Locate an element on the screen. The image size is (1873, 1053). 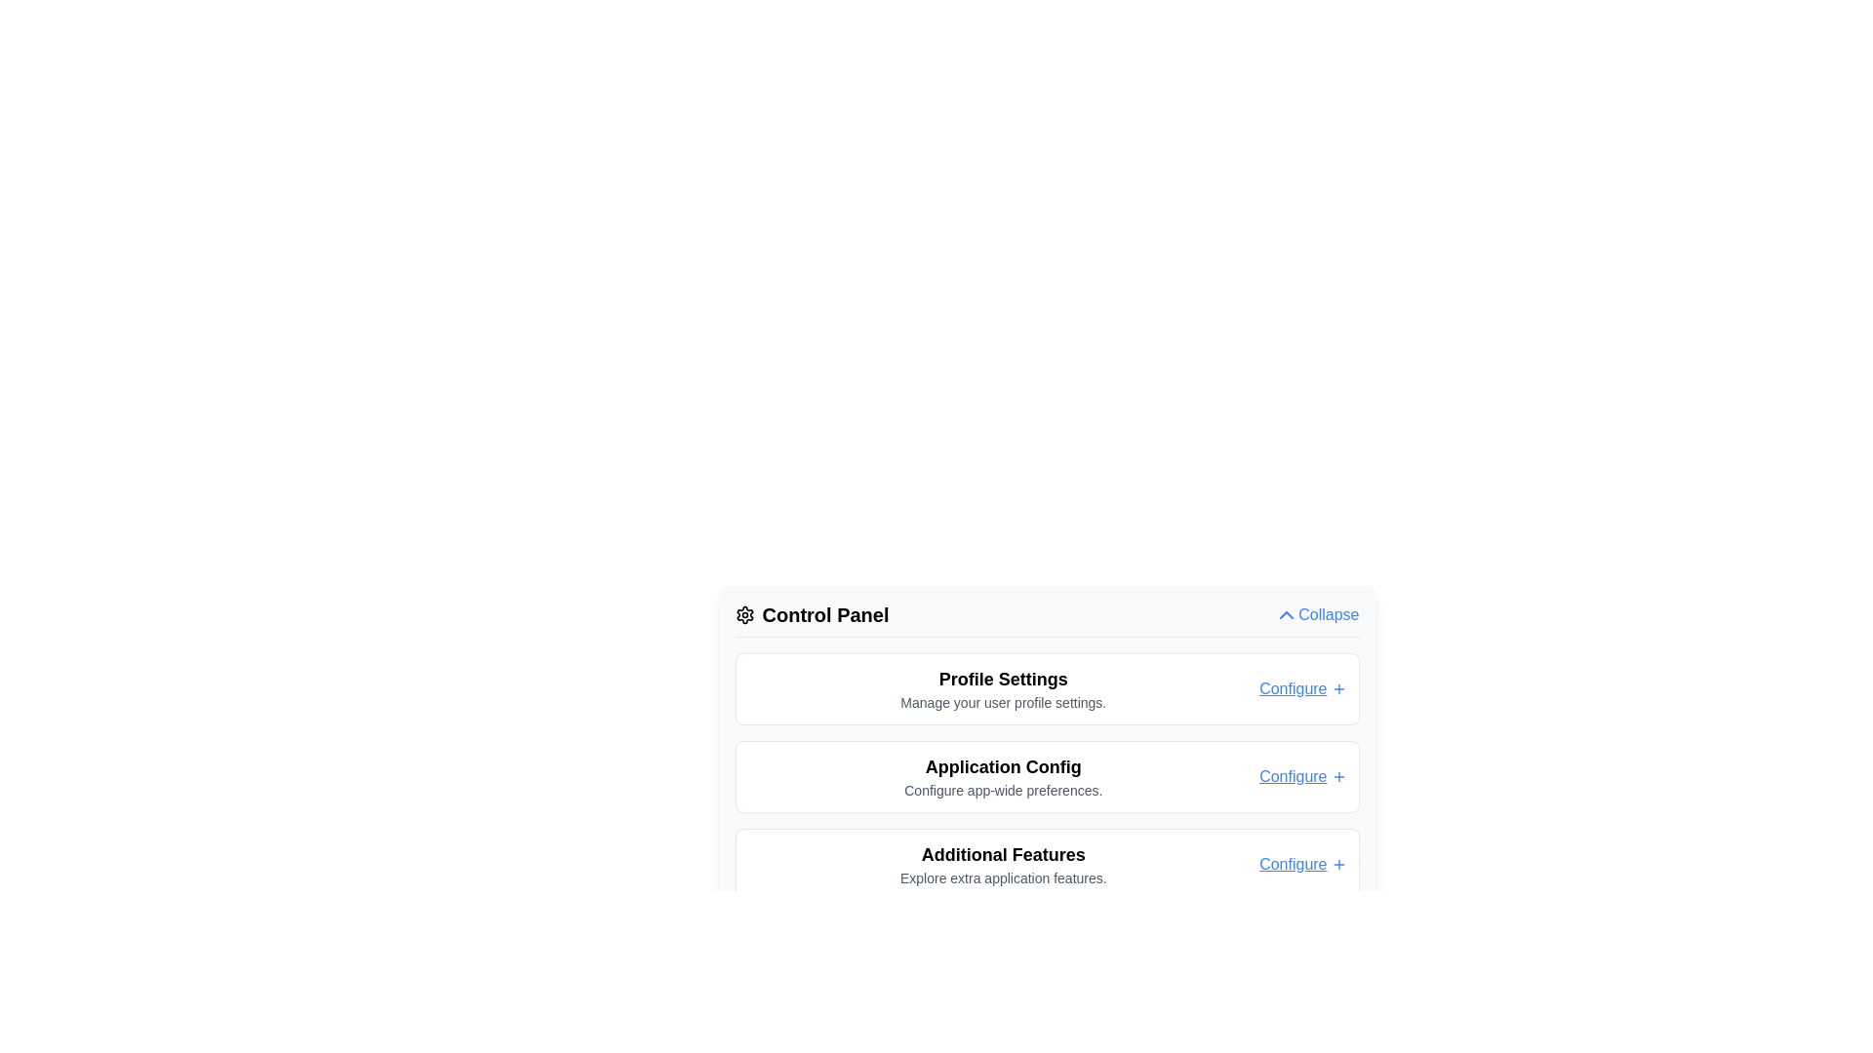
the text label that serves as a header for additional feature settings in the control panel, located just below 'Application Config' and above 'Explore extra application features.' is located at coordinates (1003, 853).